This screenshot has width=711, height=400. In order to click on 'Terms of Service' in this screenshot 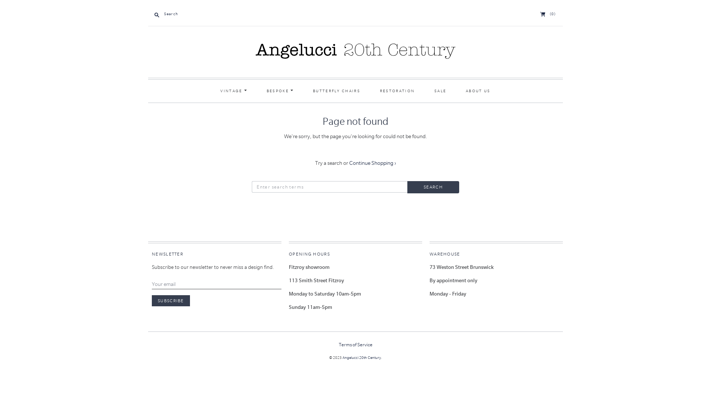, I will do `click(355, 344)`.